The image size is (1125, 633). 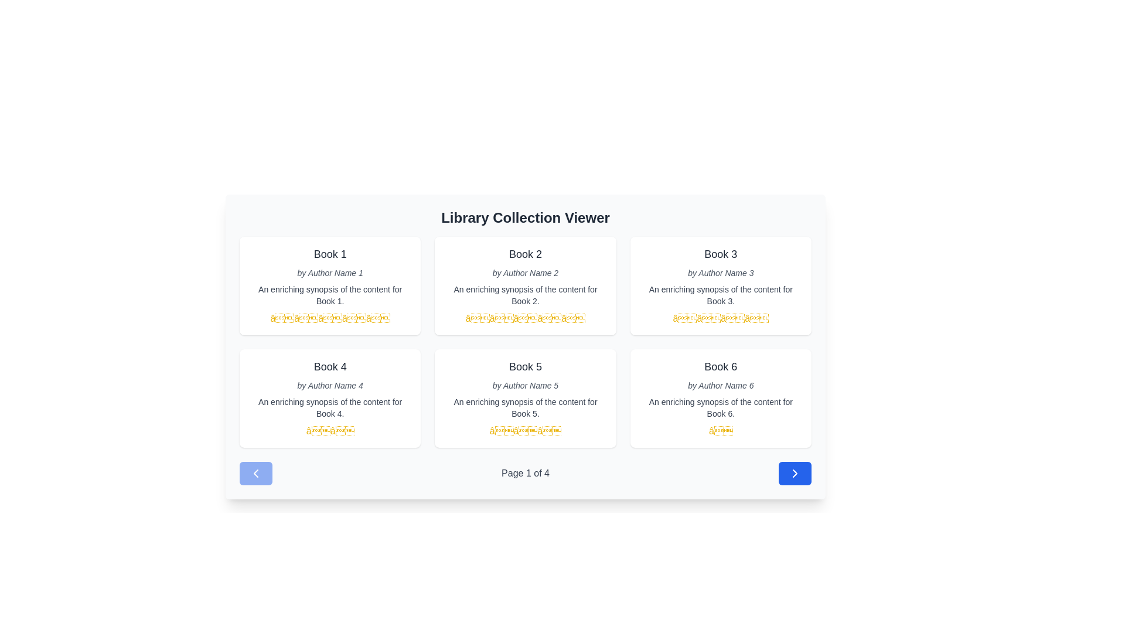 What do you see at coordinates (684, 318) in the screenshot?
I see `the visual feedback of the third star glyph in the horizontal group of four stars indicating a rating for Book 3` at bounding box center [684, 318].